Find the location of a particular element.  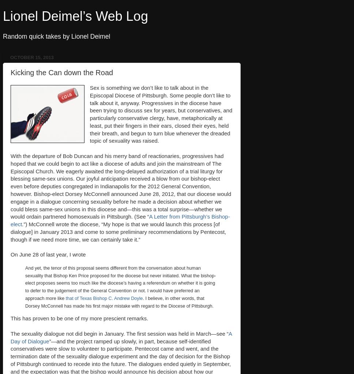

'October 15, 2013' is located at coordinates (32, 57).